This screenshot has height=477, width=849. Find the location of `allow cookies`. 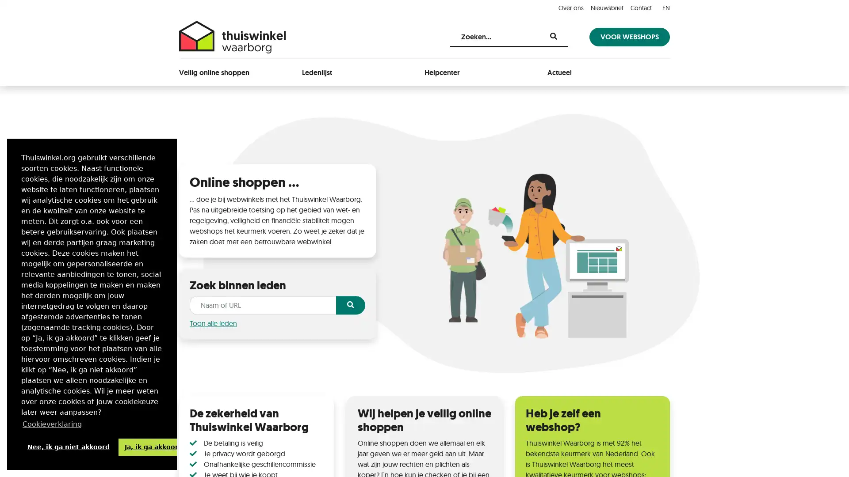

allow cookies is located at coordinates (153, 447).